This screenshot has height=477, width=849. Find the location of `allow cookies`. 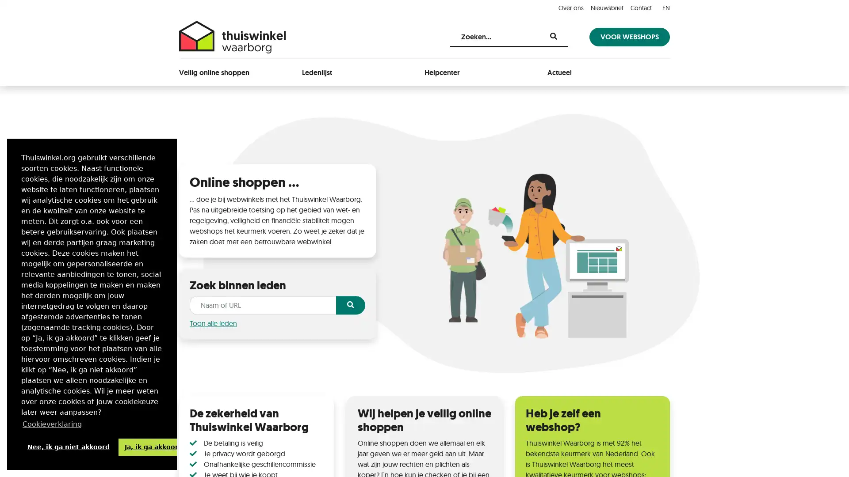

allow cookies is located at coordinates (153, 447).